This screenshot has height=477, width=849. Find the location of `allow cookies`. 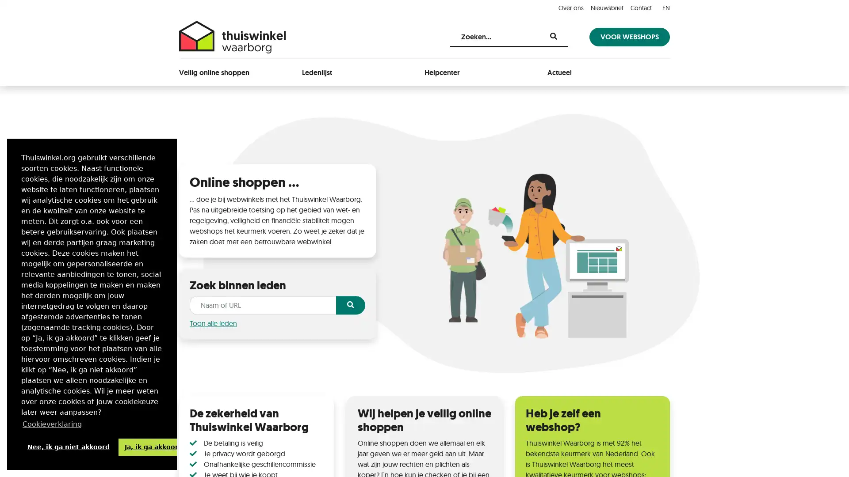

allow cookies is located at coordinates (153, 447).